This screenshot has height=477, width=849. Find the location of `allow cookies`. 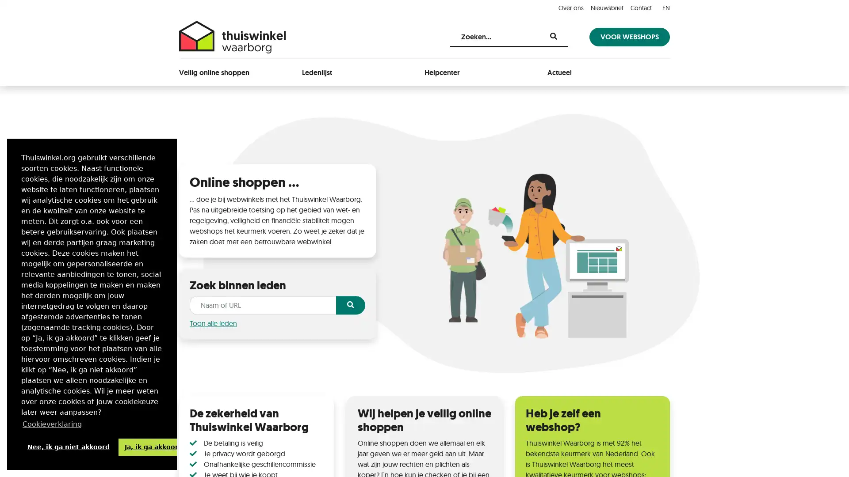

allow cookies is located at coordinates (153, 447).